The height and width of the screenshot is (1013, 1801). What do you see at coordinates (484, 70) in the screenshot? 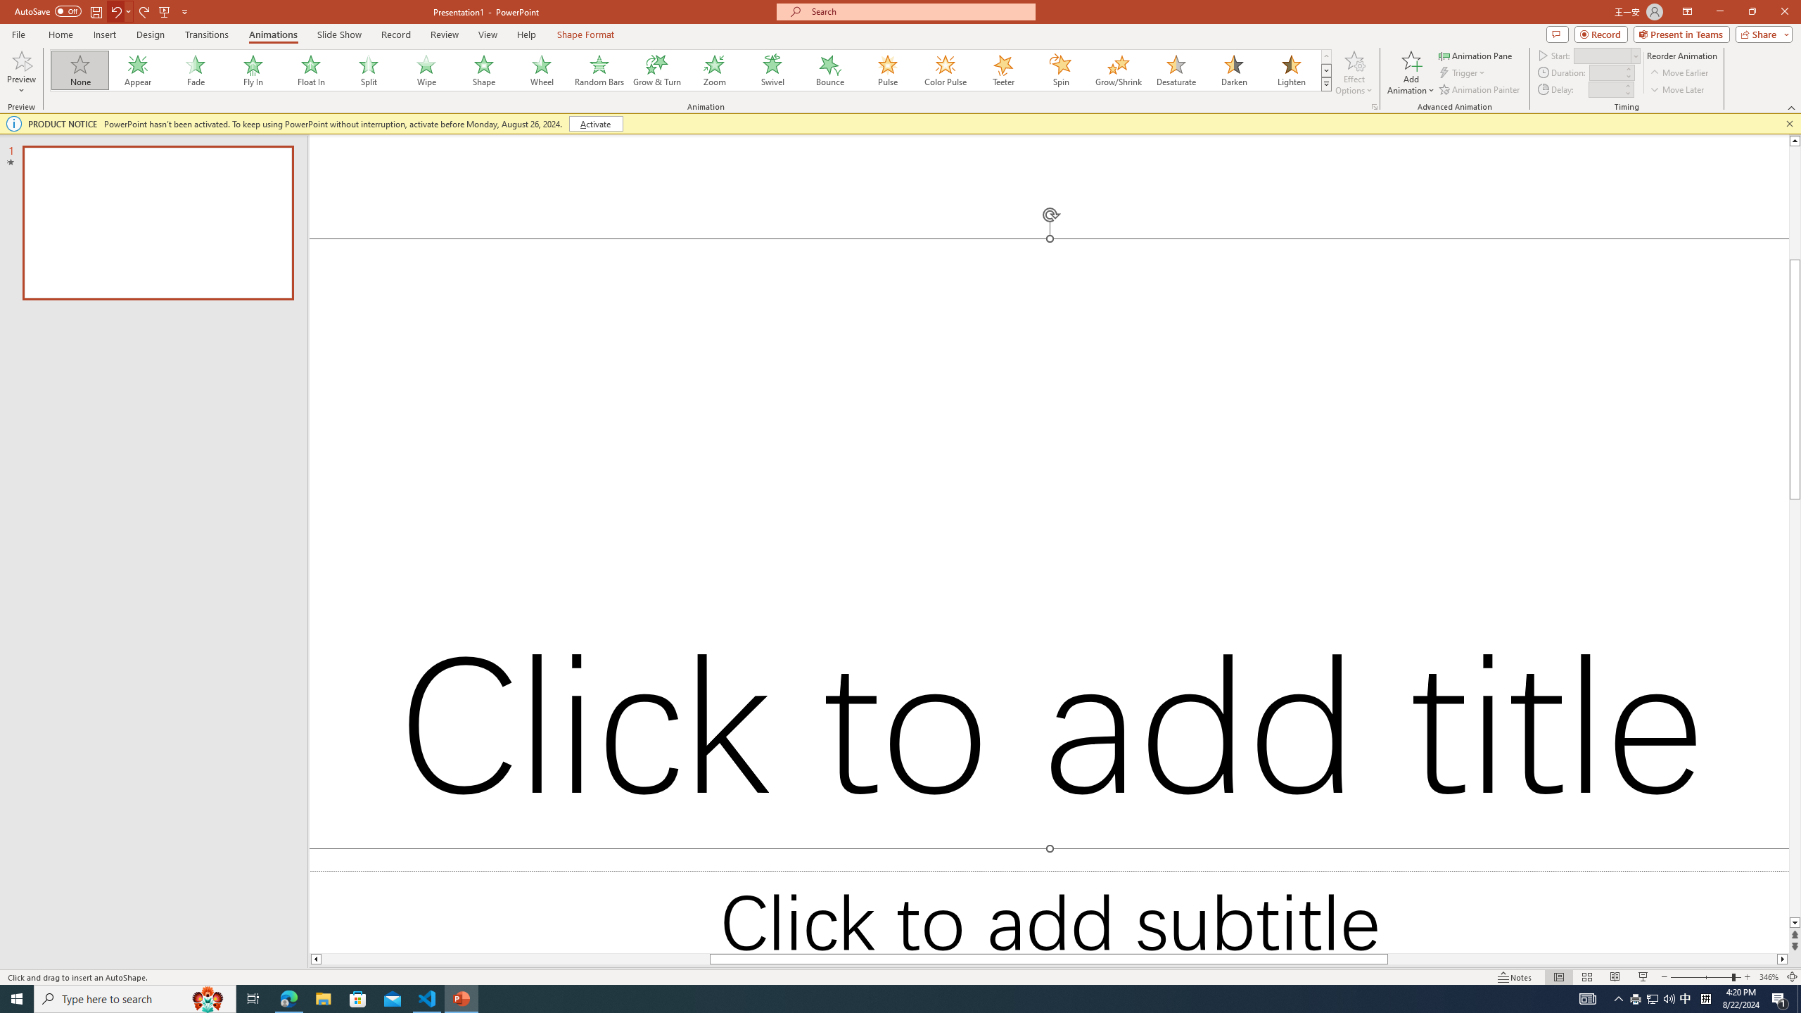
I see `'Shape'` at bounding box center [484, 70].